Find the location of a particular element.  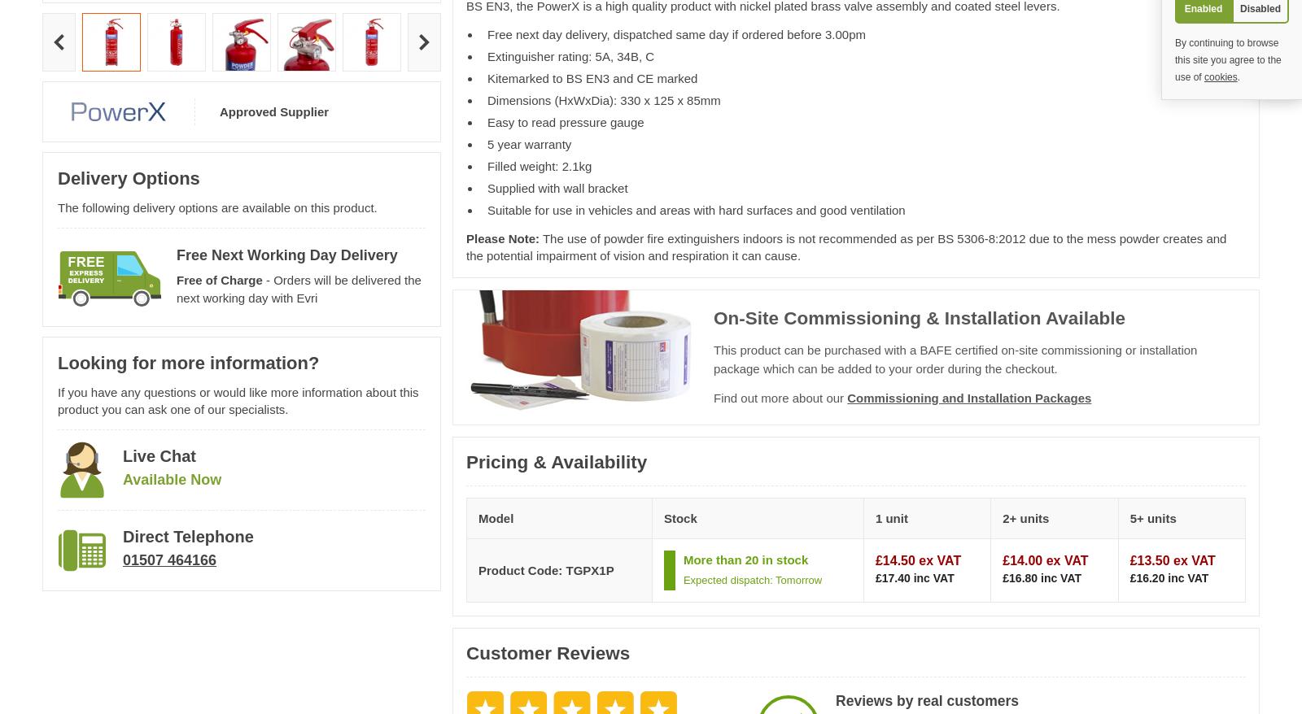

'£13.50 ex VAT' is located at coordinates (1172, 560).